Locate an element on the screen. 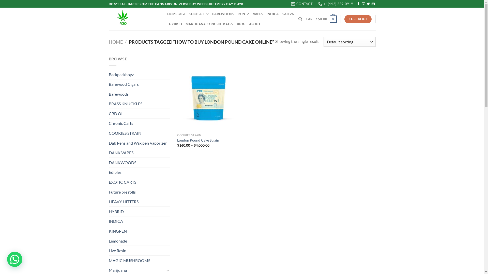  'SATIVA' is located at coordinates (282, 13).